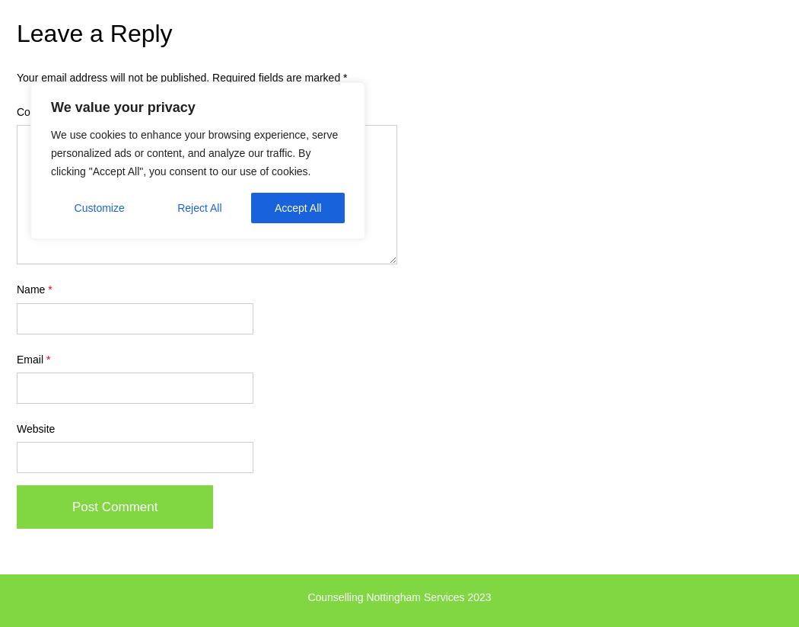  Describe the element at coordinates (298, 207) in the screenshot. I see `'Accept All'` at that location.